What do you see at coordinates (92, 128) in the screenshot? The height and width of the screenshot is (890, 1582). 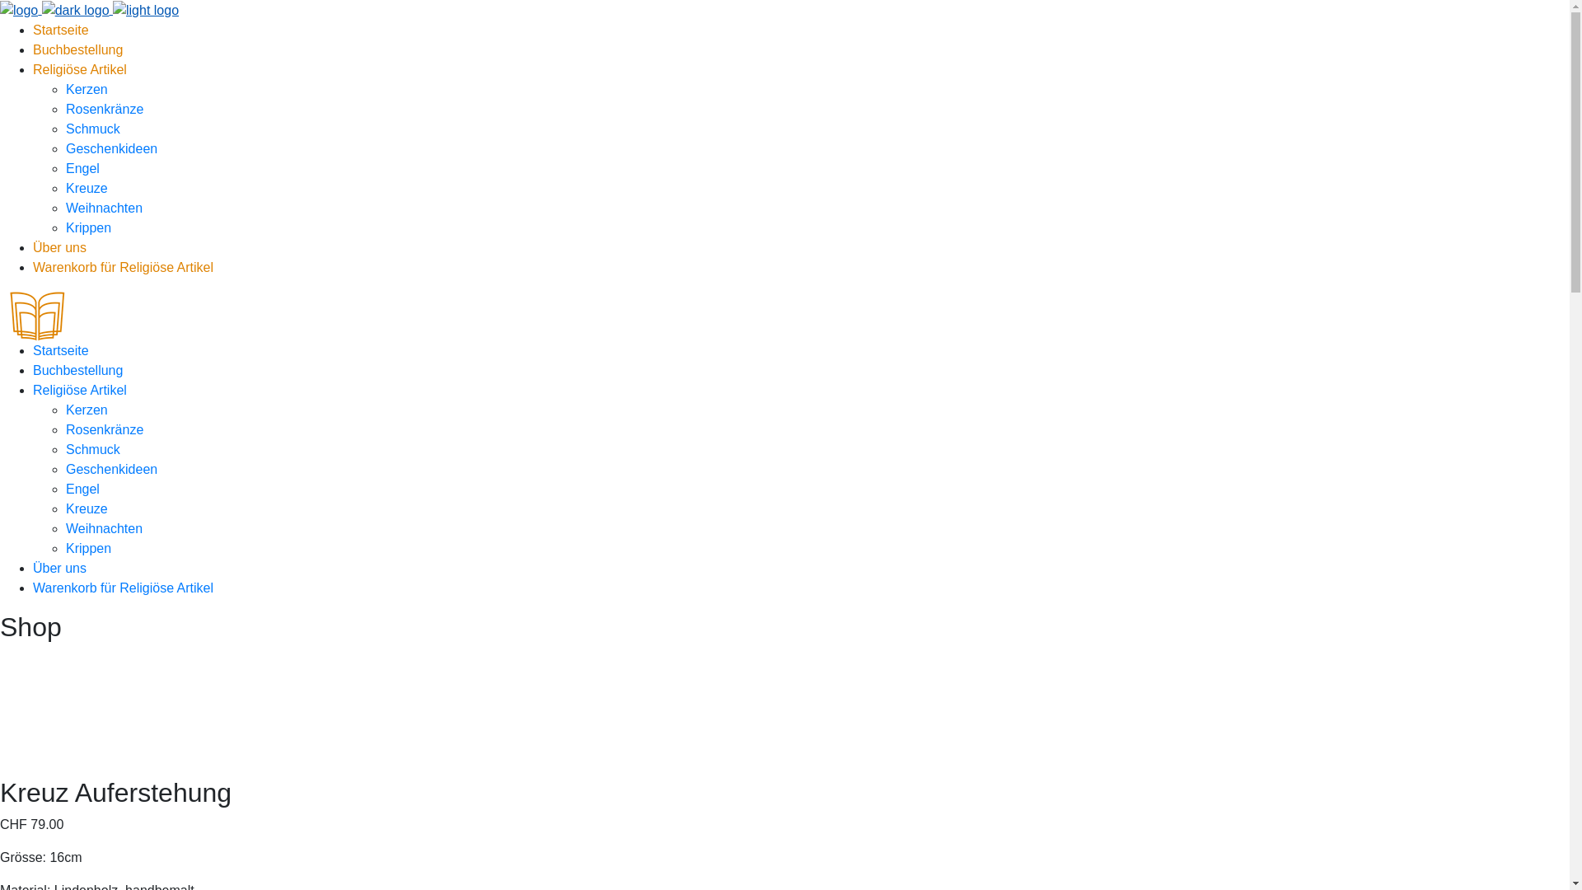 I see `'Schmuck'` at bounding box center [92, 128].